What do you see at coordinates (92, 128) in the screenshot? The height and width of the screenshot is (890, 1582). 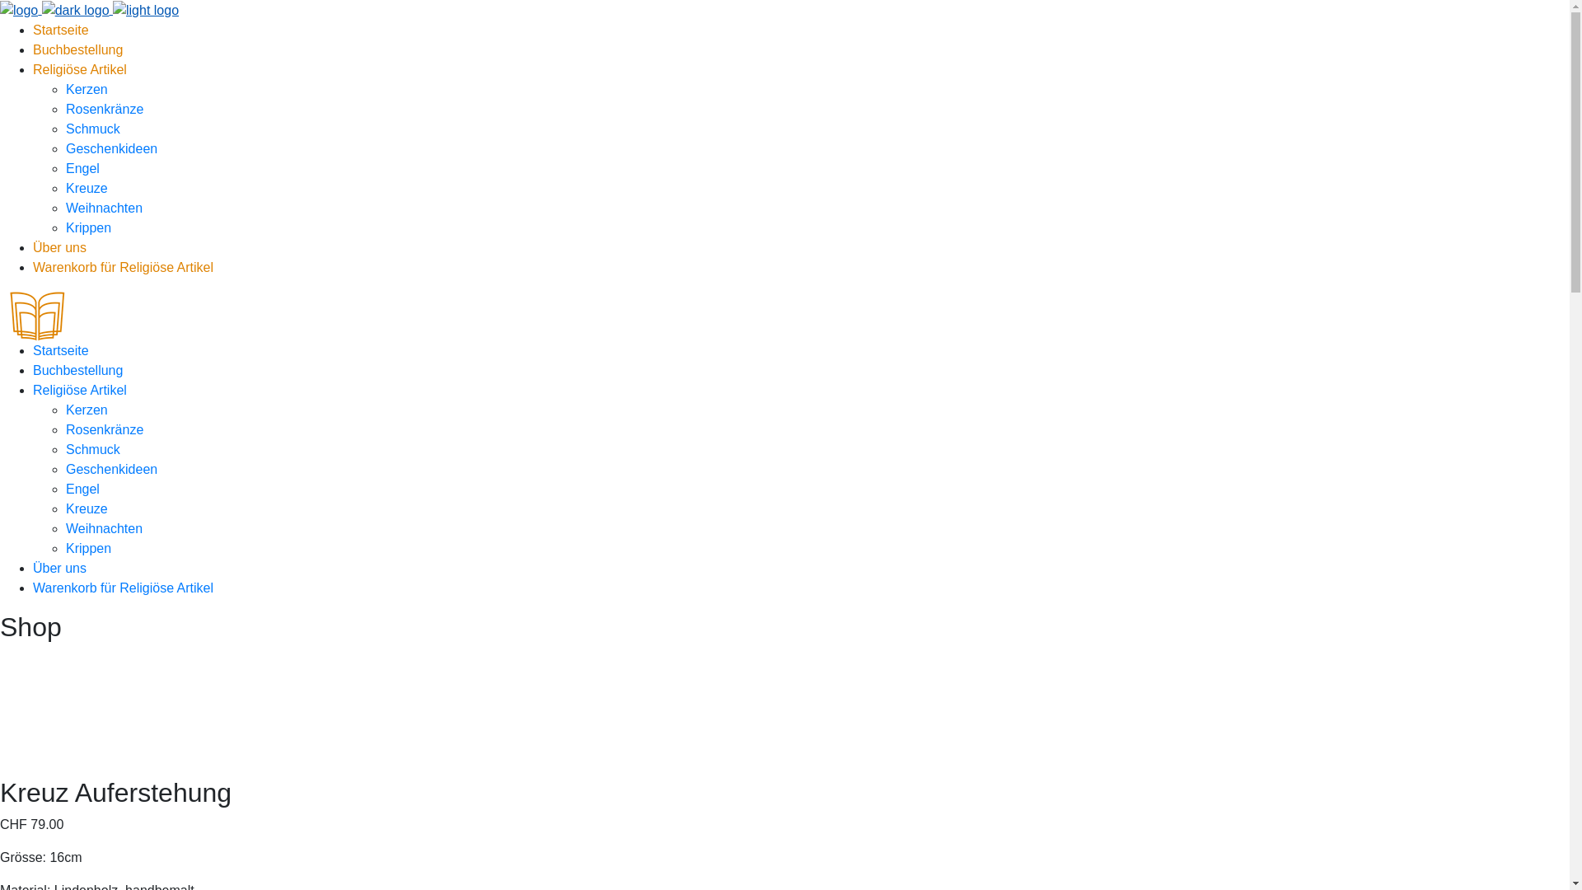 I see `'Schmuck'` at bounding box center [92, 128].